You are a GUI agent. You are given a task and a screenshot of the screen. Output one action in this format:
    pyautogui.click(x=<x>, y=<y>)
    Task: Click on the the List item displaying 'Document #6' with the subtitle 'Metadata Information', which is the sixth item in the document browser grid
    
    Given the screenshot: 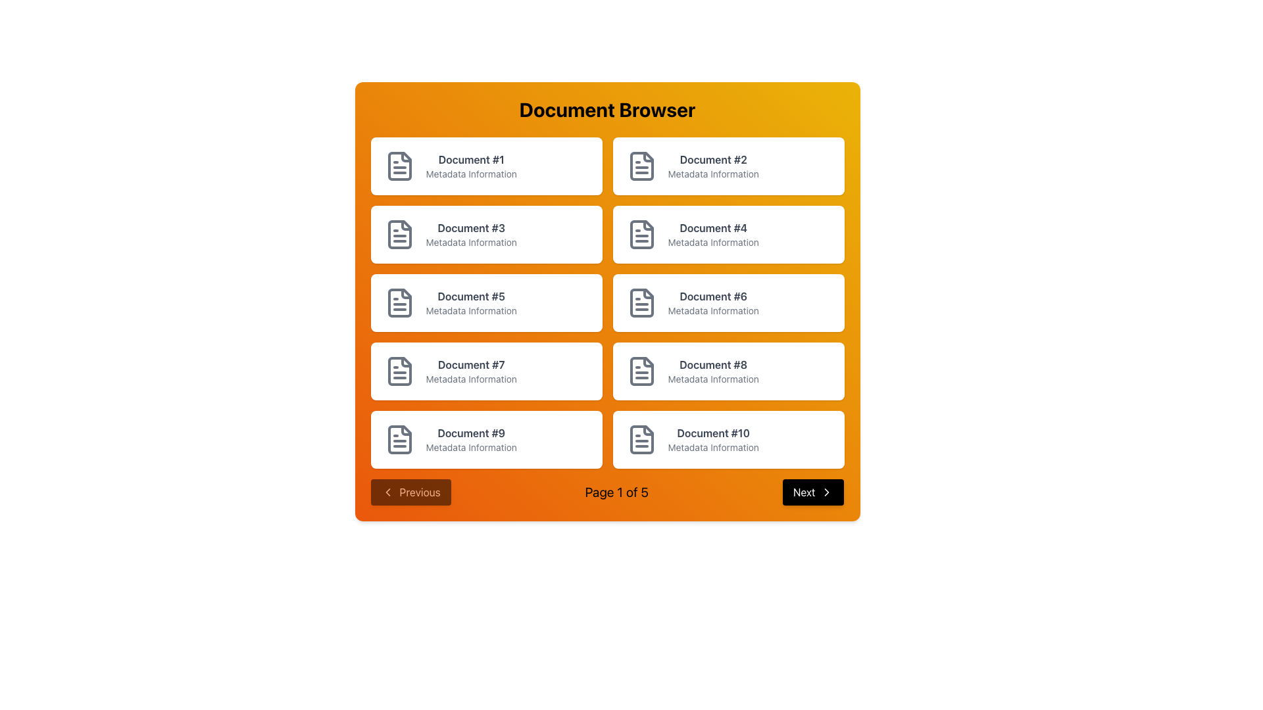 What is the action you would take?
    pyautogui.click(x=712, y=303)
    